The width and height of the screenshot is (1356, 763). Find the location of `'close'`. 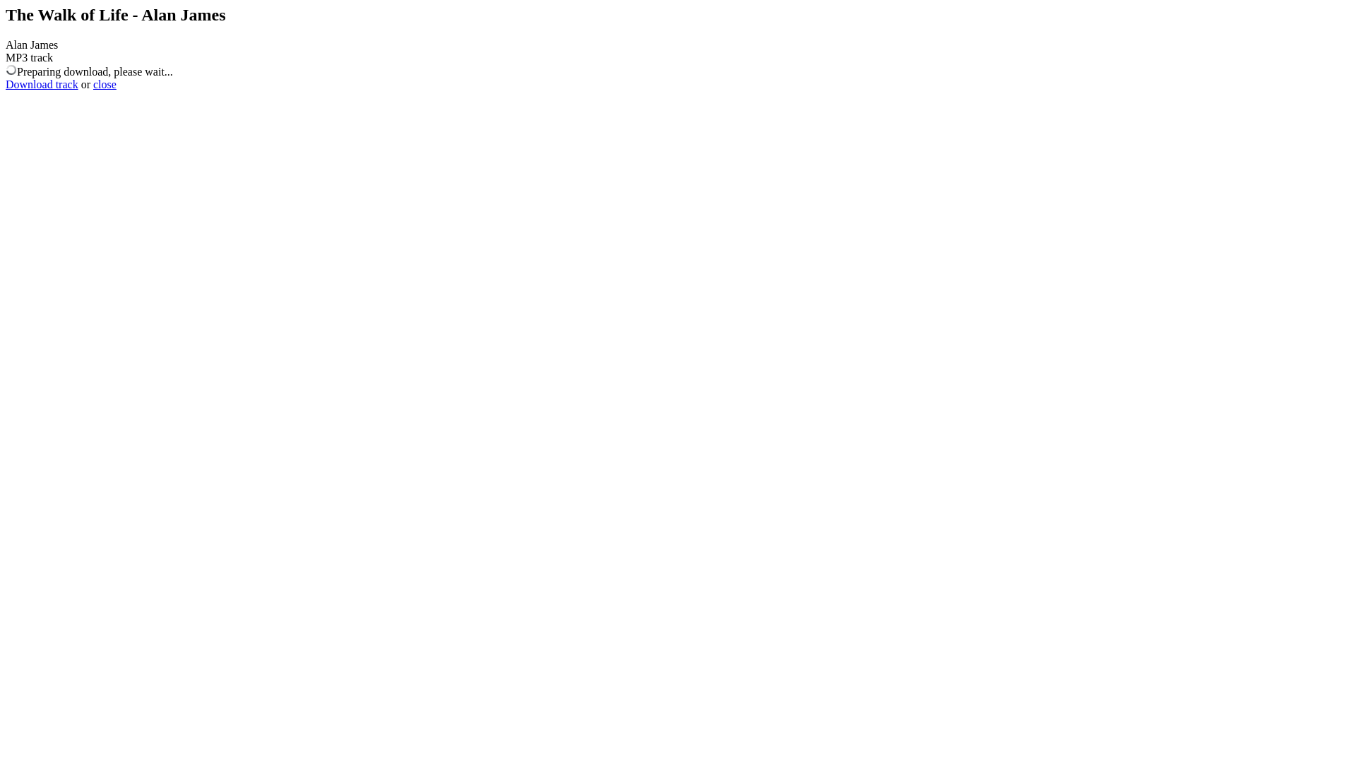

'close' is located at coordinates (104, 84).